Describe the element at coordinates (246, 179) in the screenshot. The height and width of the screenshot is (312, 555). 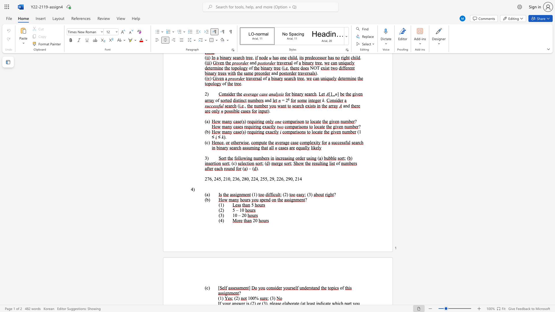
I see `the subset text "0, 224, 255, 29, 226" within the text "276, 245, 210, 236, 280, 224, 255, 29, 226, 290, 214"` at that location.